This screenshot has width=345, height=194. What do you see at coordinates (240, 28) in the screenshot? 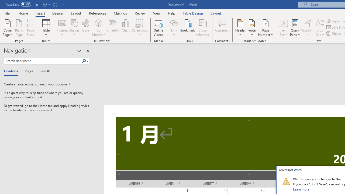
I see `'Header'` at bounding box center [240, 28].